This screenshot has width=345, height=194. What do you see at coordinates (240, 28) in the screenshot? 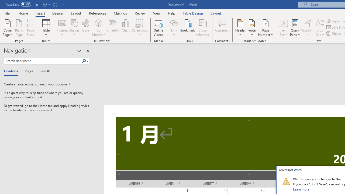
I see `'Header'` at bounding box center [240, 28].